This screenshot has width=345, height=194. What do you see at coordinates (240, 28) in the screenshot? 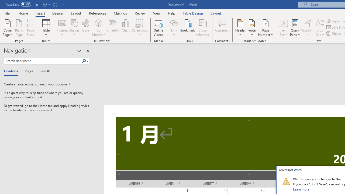
I see `'Header'` at bounding box center [240, 28].